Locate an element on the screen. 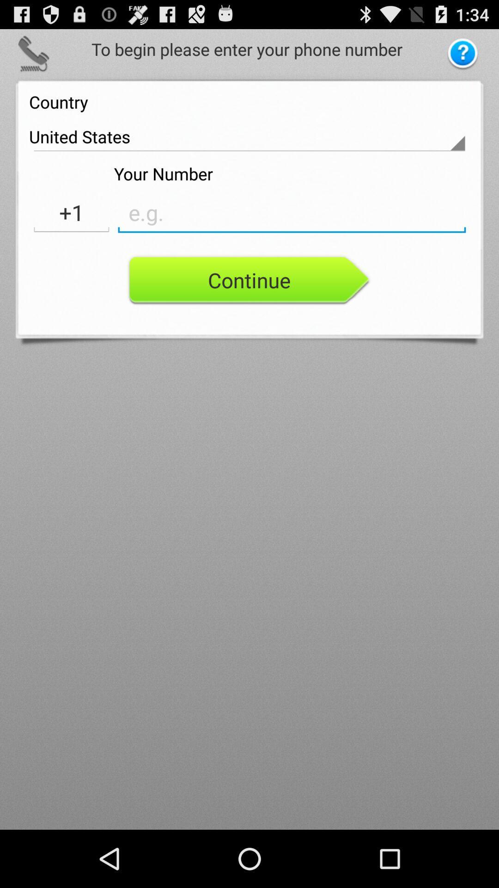  phone number is located at coordinates (292, 212).